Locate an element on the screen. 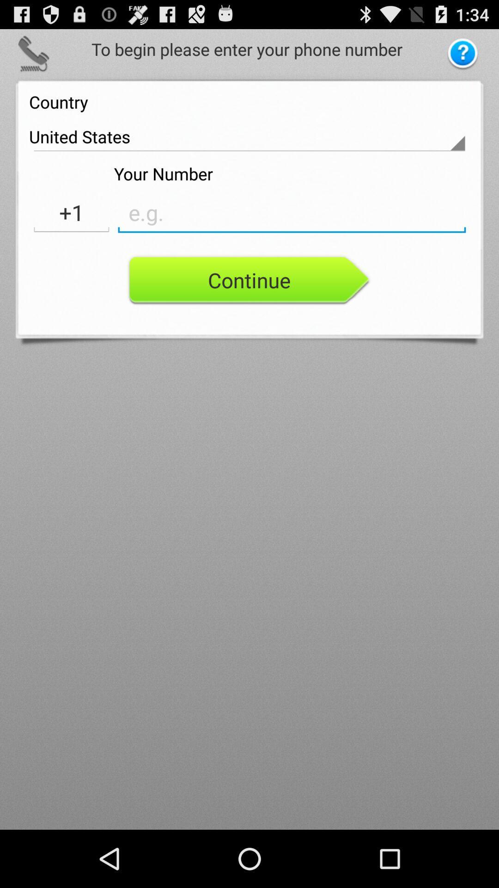  phone number is located at coordinates (292, 212).